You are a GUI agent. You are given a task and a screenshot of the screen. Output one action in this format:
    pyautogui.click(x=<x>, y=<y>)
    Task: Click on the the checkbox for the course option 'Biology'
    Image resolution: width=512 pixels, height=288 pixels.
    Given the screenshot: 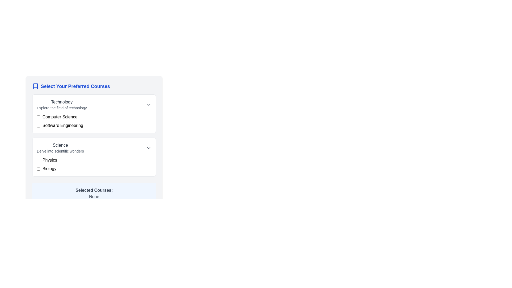 What is the action you would take?
    pyautogui.click(x=38, y=169)
    